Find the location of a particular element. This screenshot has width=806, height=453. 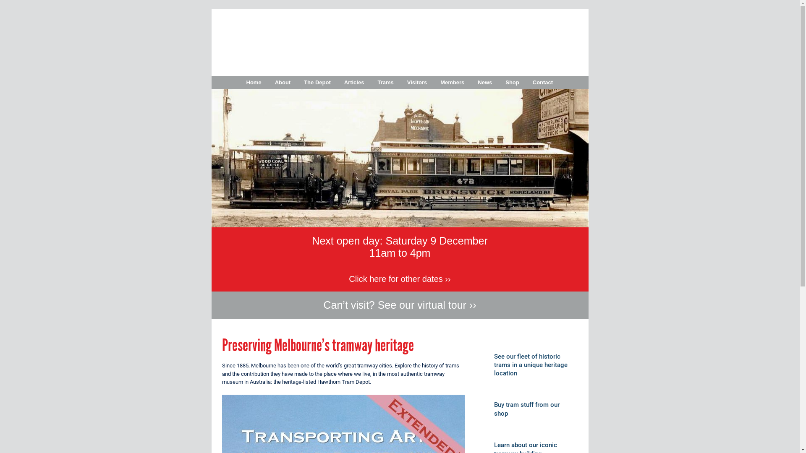

'News' is located at coordinates (485, 82).